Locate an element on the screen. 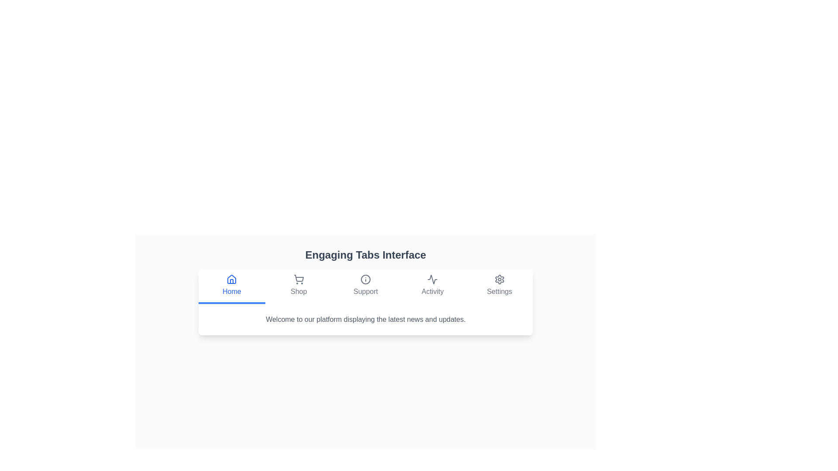 This screenshot has height=471, width=838. the Navigation tab located in the horizontal navigation bar is located at coordinates (299, 286).